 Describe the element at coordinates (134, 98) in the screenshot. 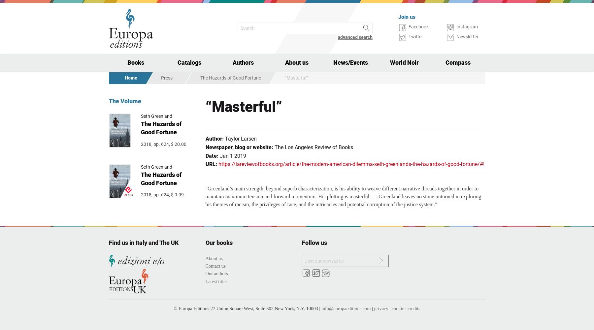

I see `'Forthcoming'` at that location.